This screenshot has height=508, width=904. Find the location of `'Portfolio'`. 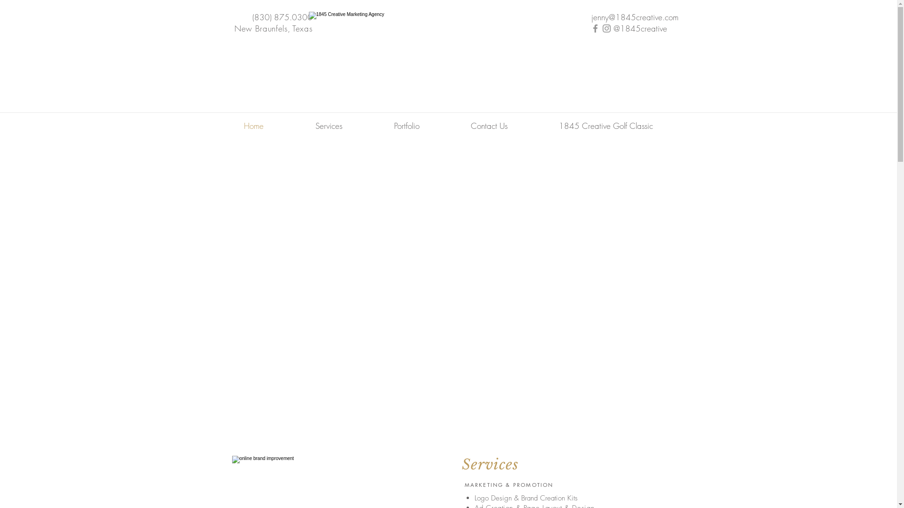

'Portfolio' is located at coordinates (407, 125).